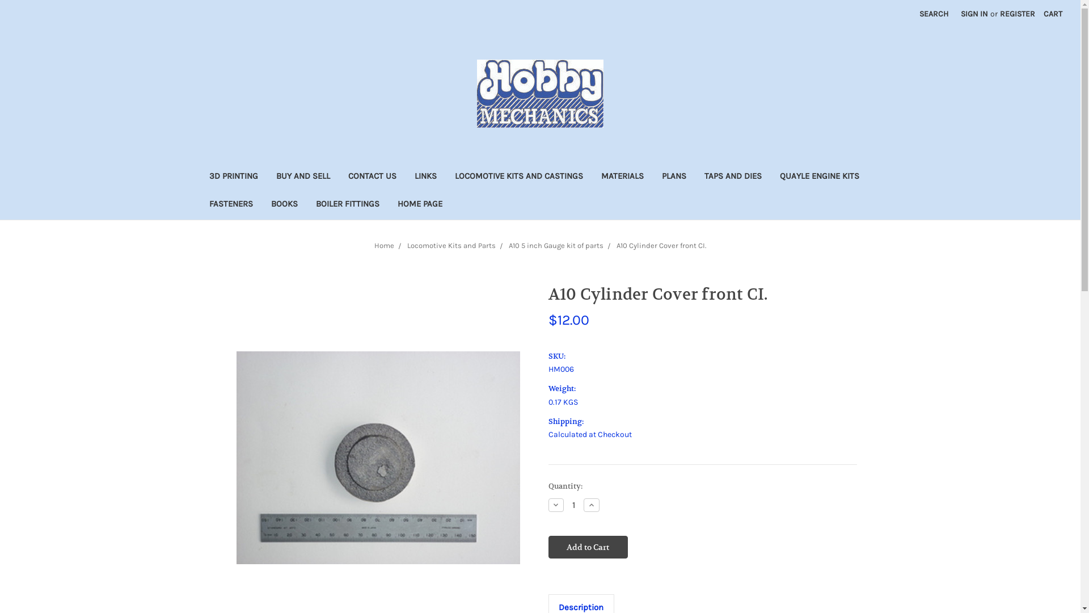 The image size is (1089, 613). Describe the element at coordinates (622, 177) in the screenshot. I see `'MATERIALS'` at that location.